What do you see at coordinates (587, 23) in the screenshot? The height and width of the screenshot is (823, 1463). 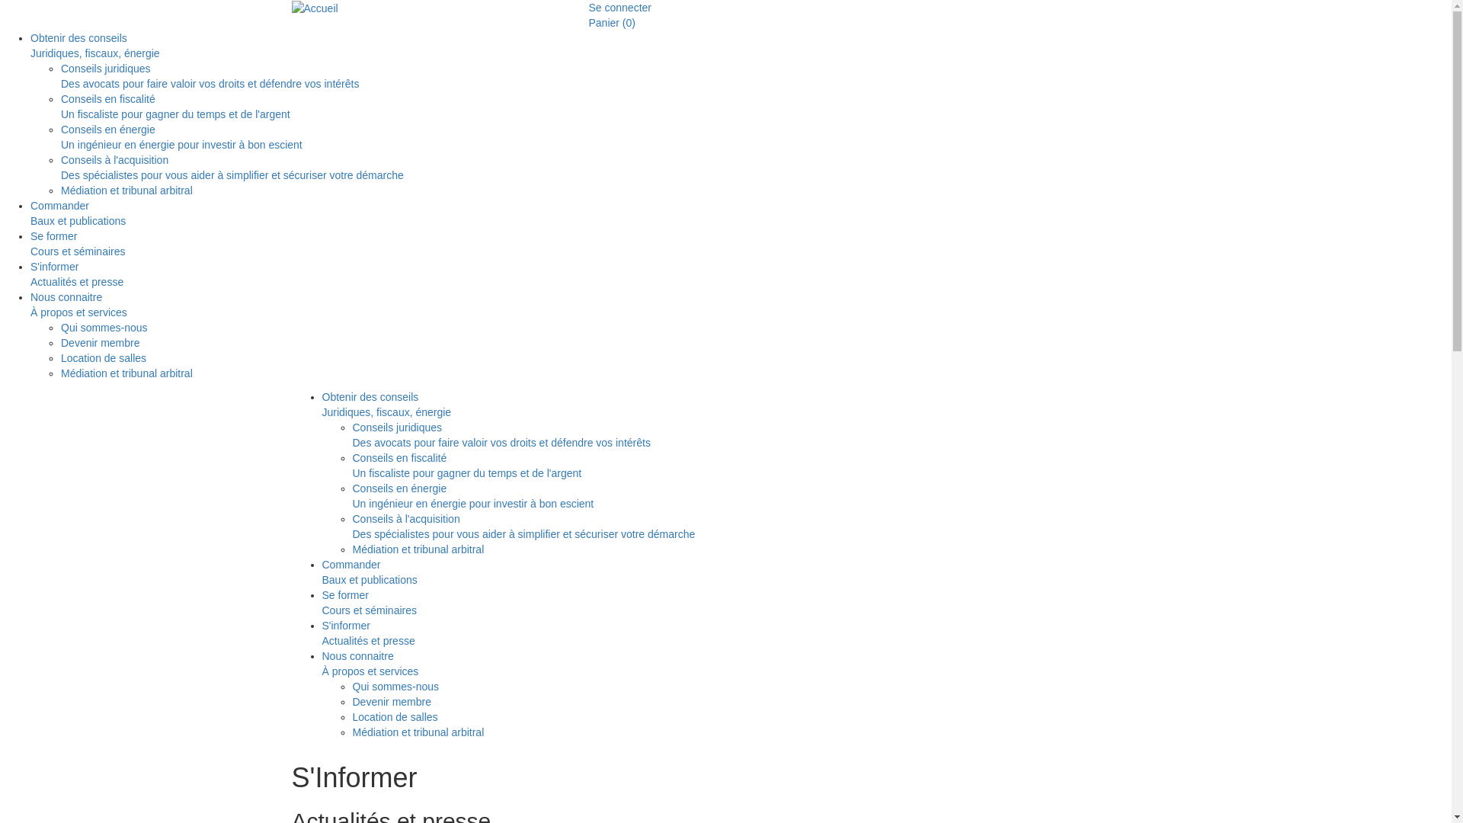 I see `'Panier (0)'` at bounding box center [587, 23].